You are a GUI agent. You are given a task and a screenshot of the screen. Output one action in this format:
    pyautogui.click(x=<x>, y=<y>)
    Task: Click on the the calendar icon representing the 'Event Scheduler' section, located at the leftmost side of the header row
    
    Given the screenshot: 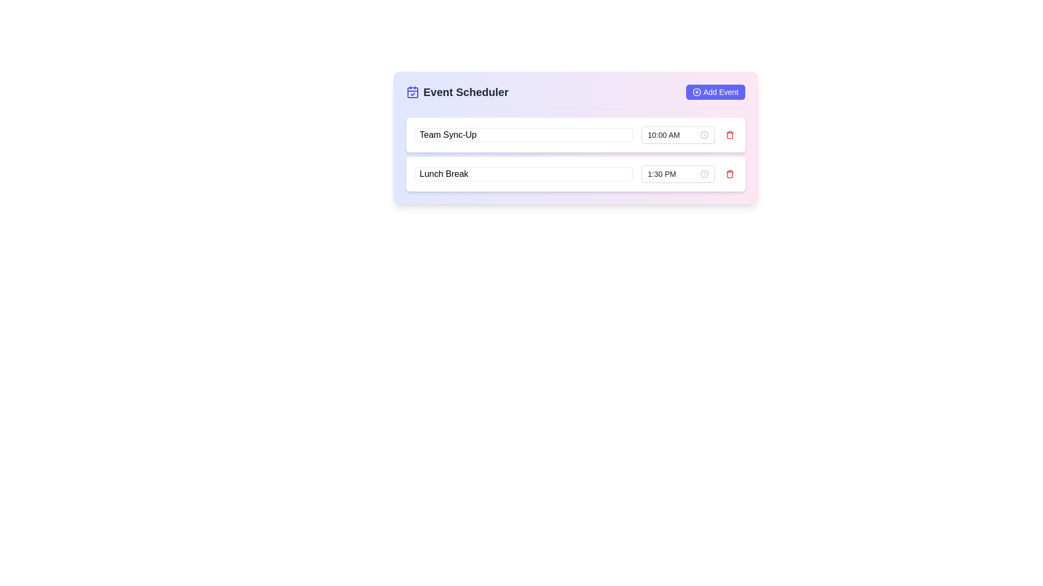 What is the action you would take?
    pyautogui.click(x=412, y=91)
    